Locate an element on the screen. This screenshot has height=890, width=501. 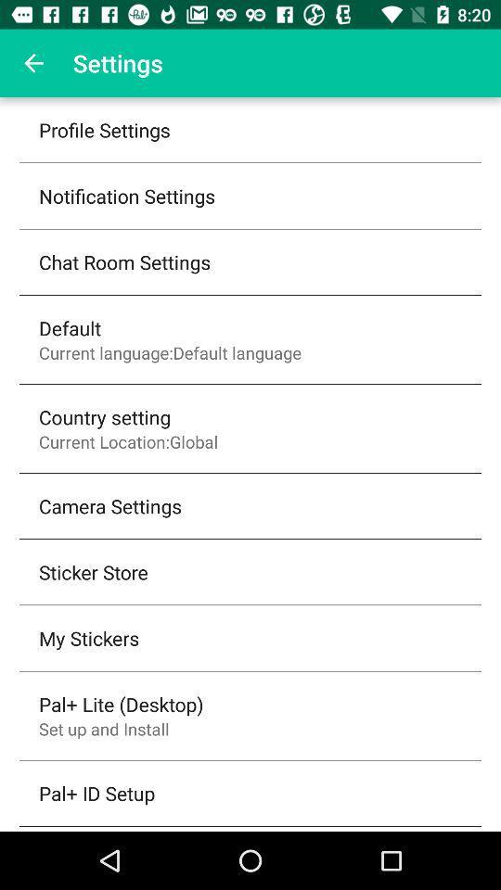
the profile settings is located at coordinates (104, 129).